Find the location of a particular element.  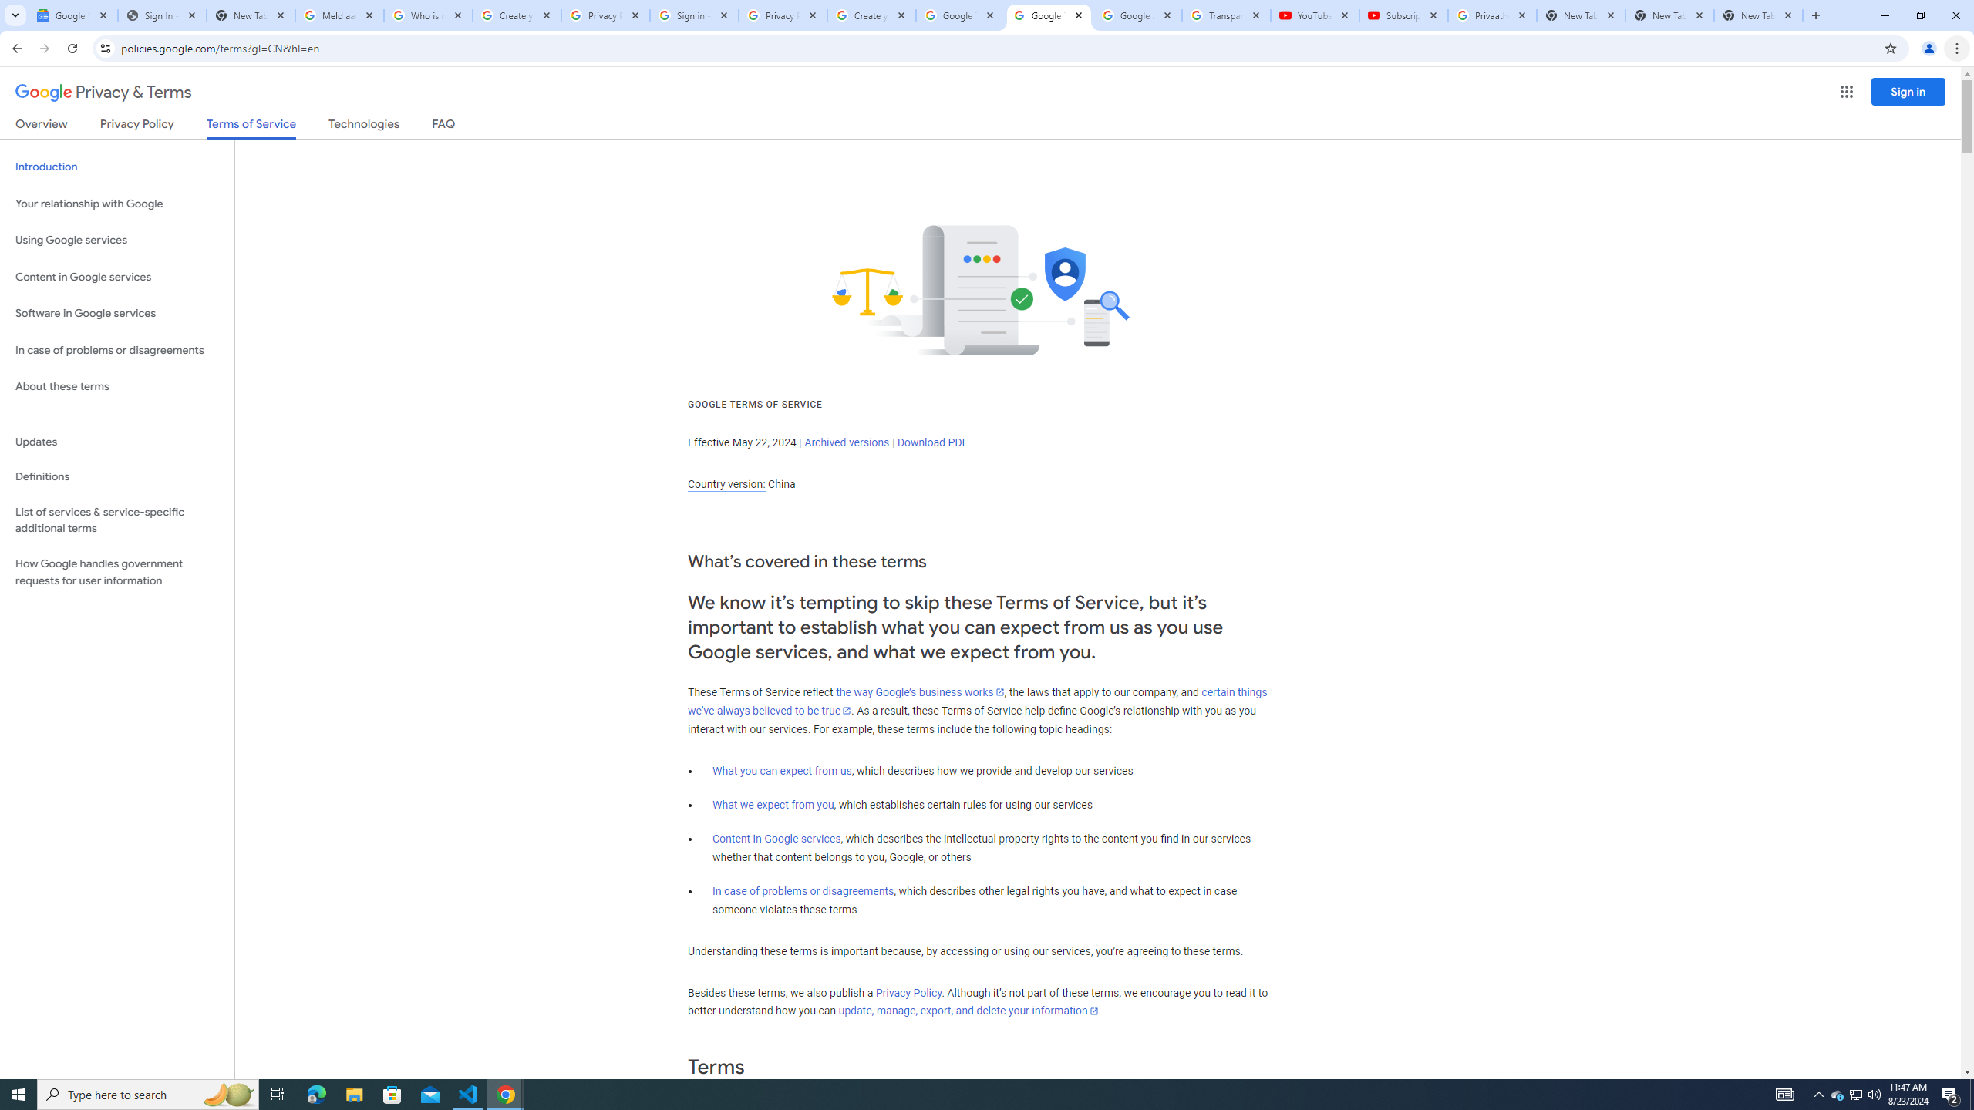

'Create your Google Account' is located at coordinates (871, 15).